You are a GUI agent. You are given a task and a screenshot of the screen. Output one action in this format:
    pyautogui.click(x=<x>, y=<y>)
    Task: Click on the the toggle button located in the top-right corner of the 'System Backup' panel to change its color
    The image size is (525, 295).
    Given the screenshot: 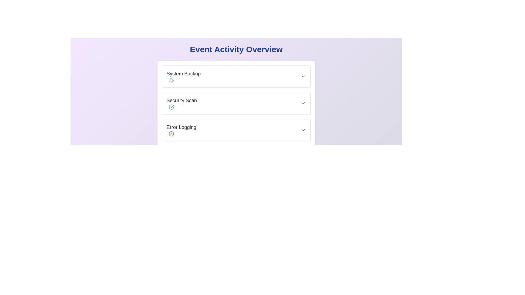 What is the action you would take?
    pyautogui.click(x=303, y=76)
    